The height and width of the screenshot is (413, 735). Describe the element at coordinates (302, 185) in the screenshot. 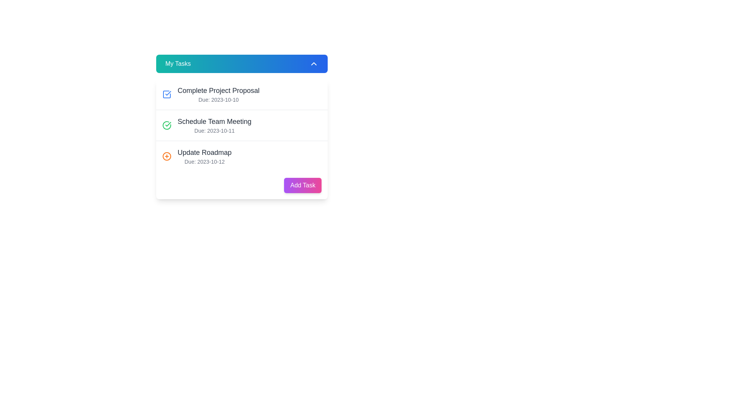

I see `the 'Add Task' button, which is a rectangular button with a gradient fill from purple to pink, featuring white centered text and rounded corners, to observe a style change` at that location.